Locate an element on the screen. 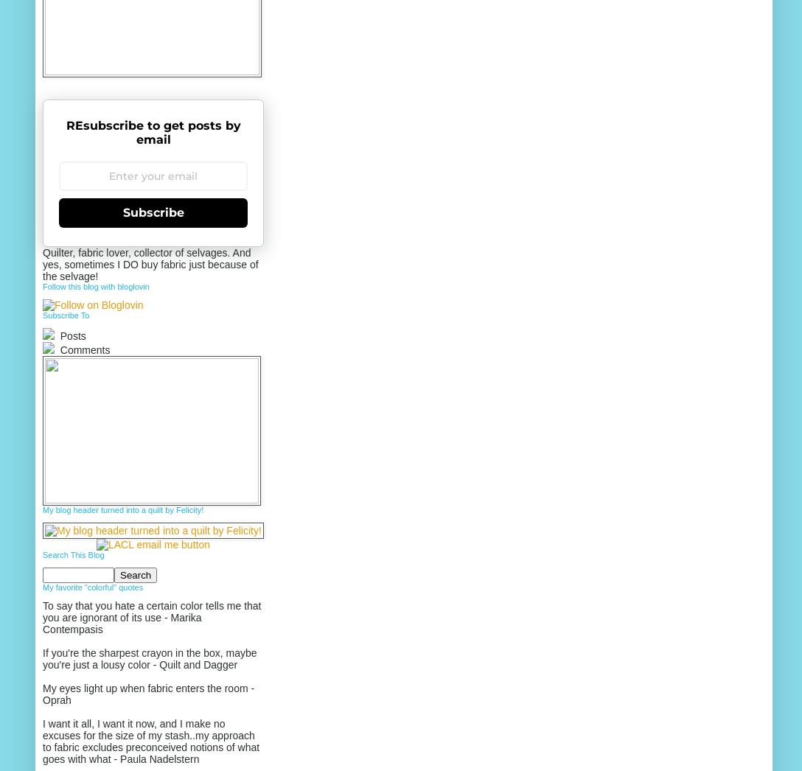 This screenshot has height=771, width=802. 'Posts' is located at coordinates (71, 335).